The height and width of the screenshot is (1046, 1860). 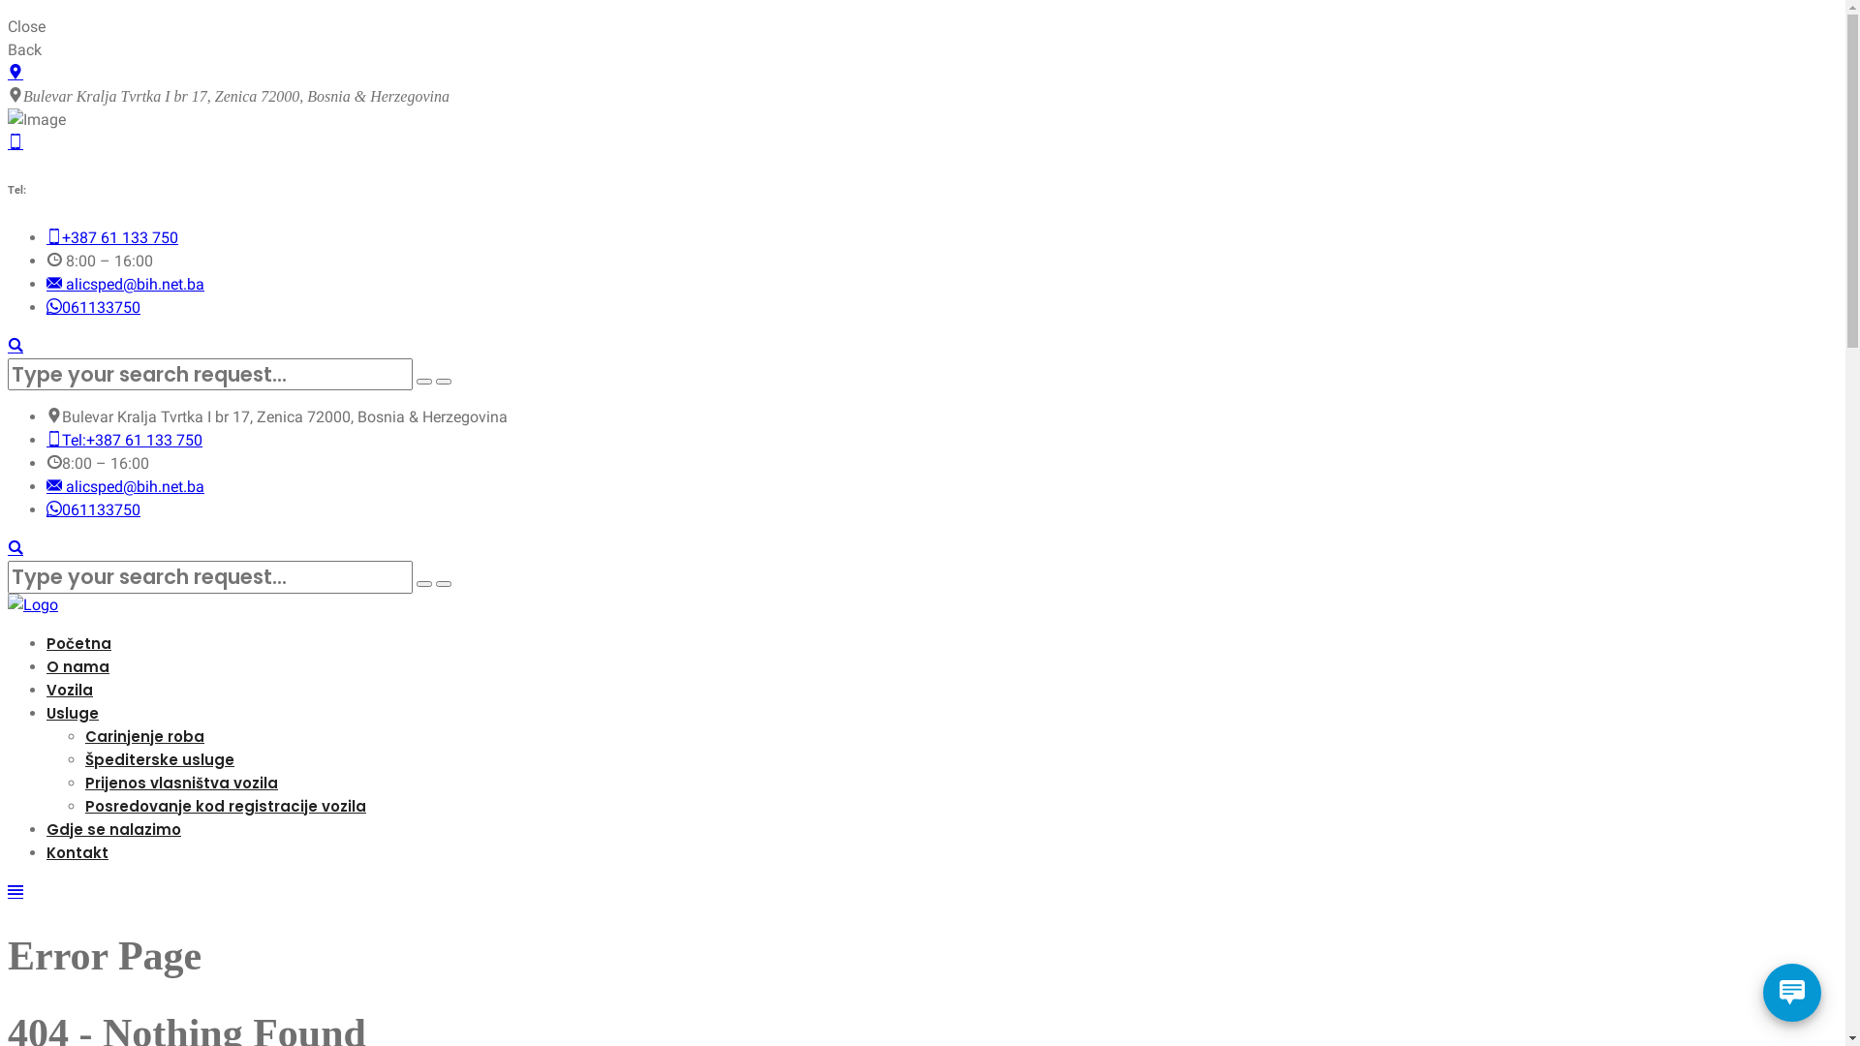 I want to click on 'O nama', so click(x=77, y=665).